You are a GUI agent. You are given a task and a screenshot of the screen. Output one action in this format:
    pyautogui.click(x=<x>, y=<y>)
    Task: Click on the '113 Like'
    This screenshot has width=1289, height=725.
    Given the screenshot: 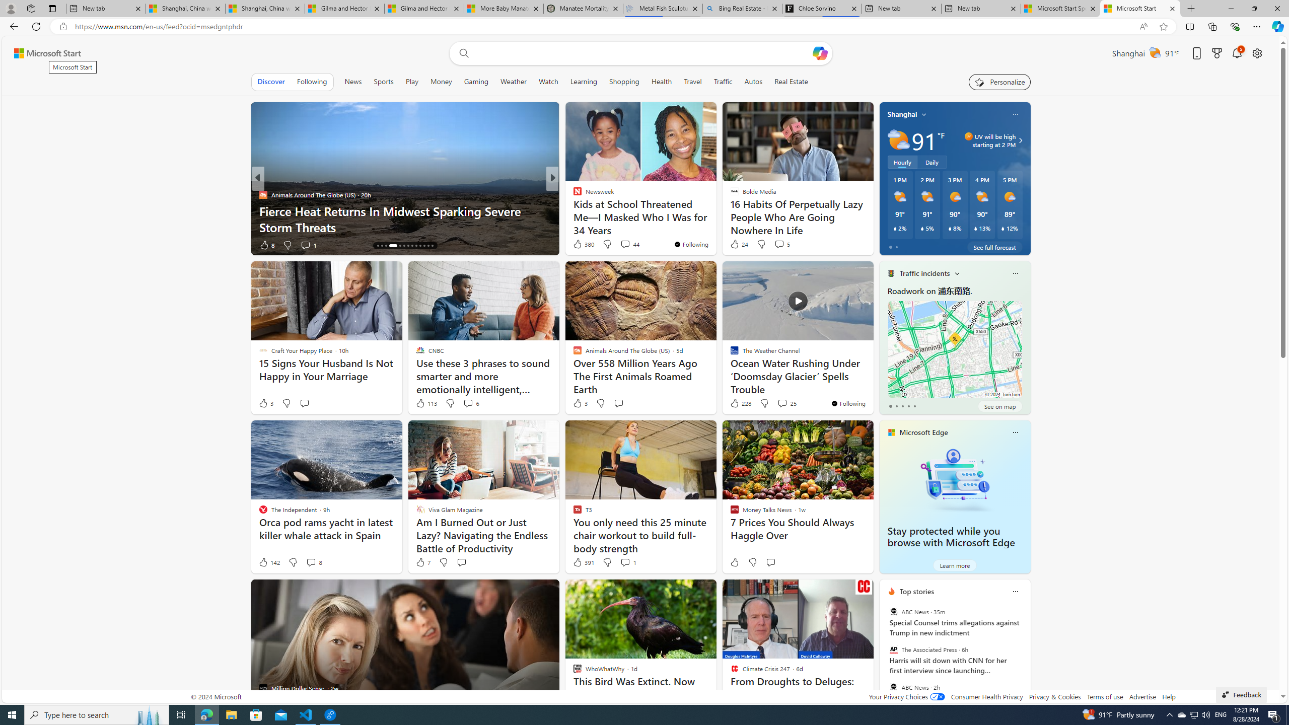 What is the action you would take?
    pyautogui.click(x=425, y=403)
    